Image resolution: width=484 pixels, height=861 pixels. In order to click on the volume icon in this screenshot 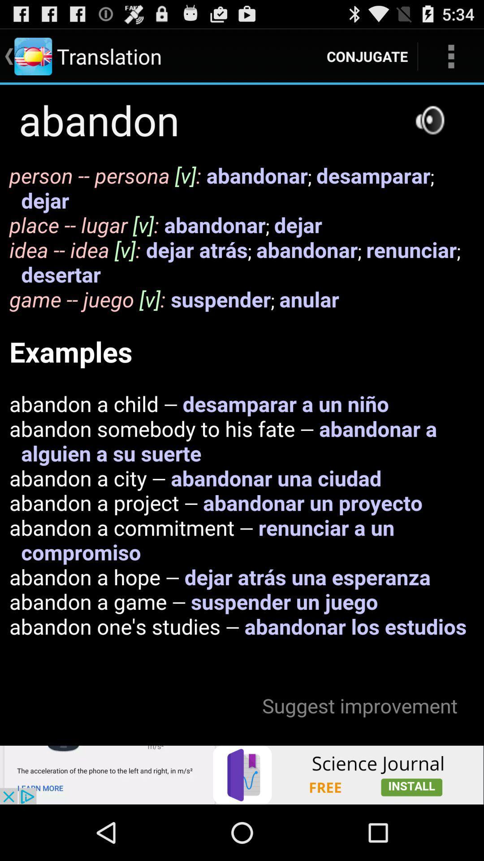, I will do `click(429, 128)`.